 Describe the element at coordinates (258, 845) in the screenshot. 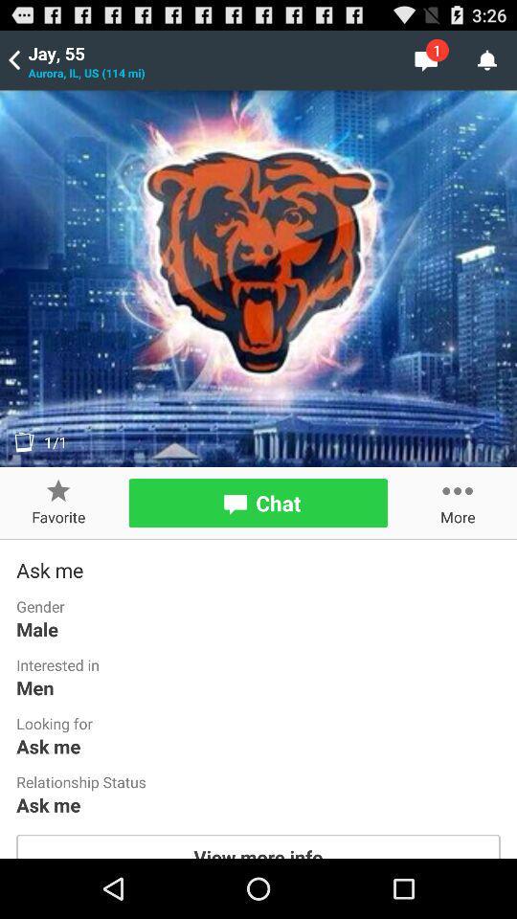

I see `the app below the ask me item` at that location.